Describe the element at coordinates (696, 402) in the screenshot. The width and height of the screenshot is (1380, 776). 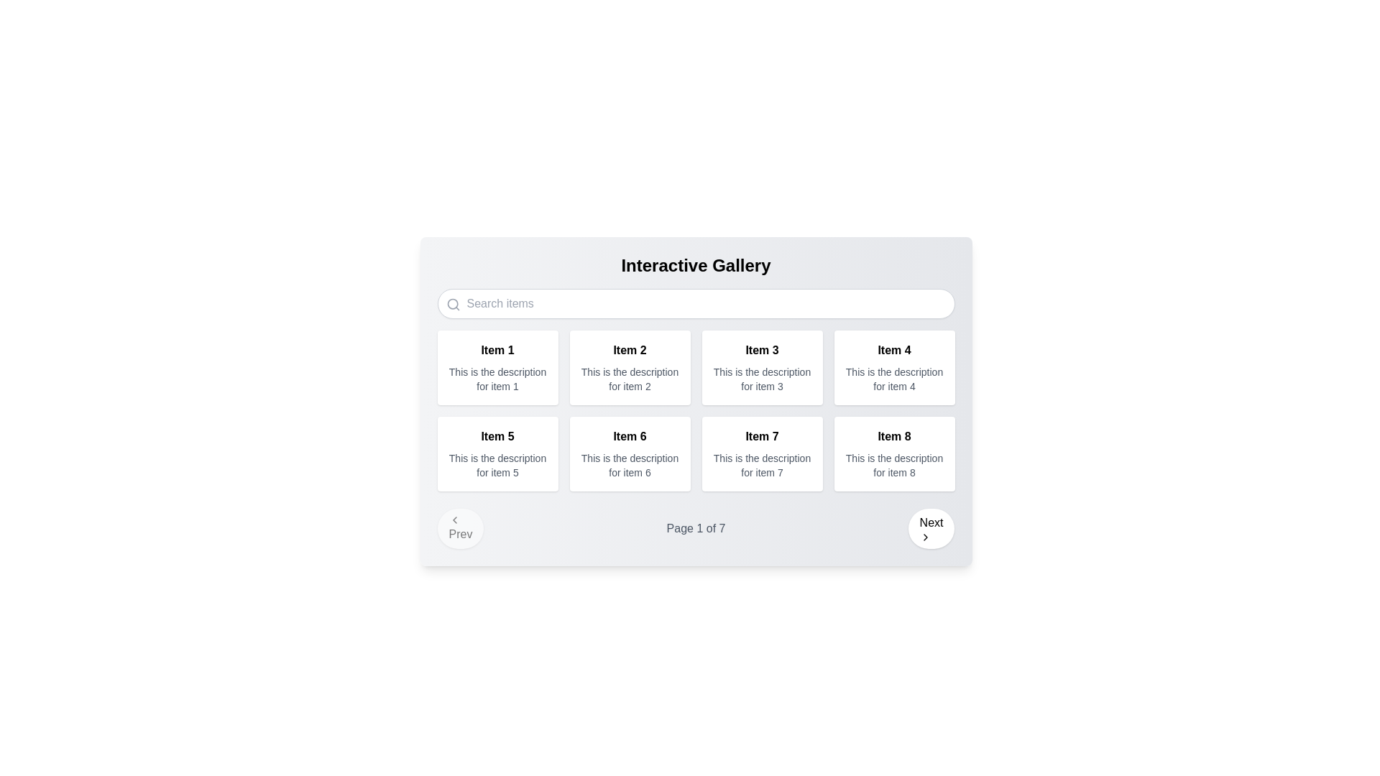
I see `to select the second card in the 'Interactive Gallery' that provides information about 'Item 2'` at that location.